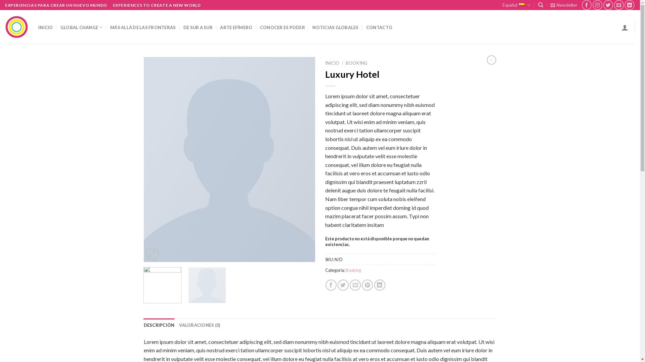 Image resolution: width=645 pixels, height=362 pixels. Describe the element at coordinates (335, 27) in the screenshot. I see `'NOTICIAS GLOBALES'` at that location.